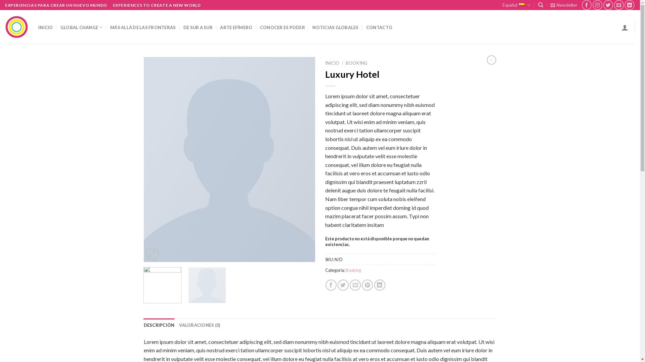 Image resolution: width=645 pixels, height=362 pixels. Describe the element at coordinates (335, 27) in the screenshot. I see `'NOTICIAS GLOBALES'` at that location.